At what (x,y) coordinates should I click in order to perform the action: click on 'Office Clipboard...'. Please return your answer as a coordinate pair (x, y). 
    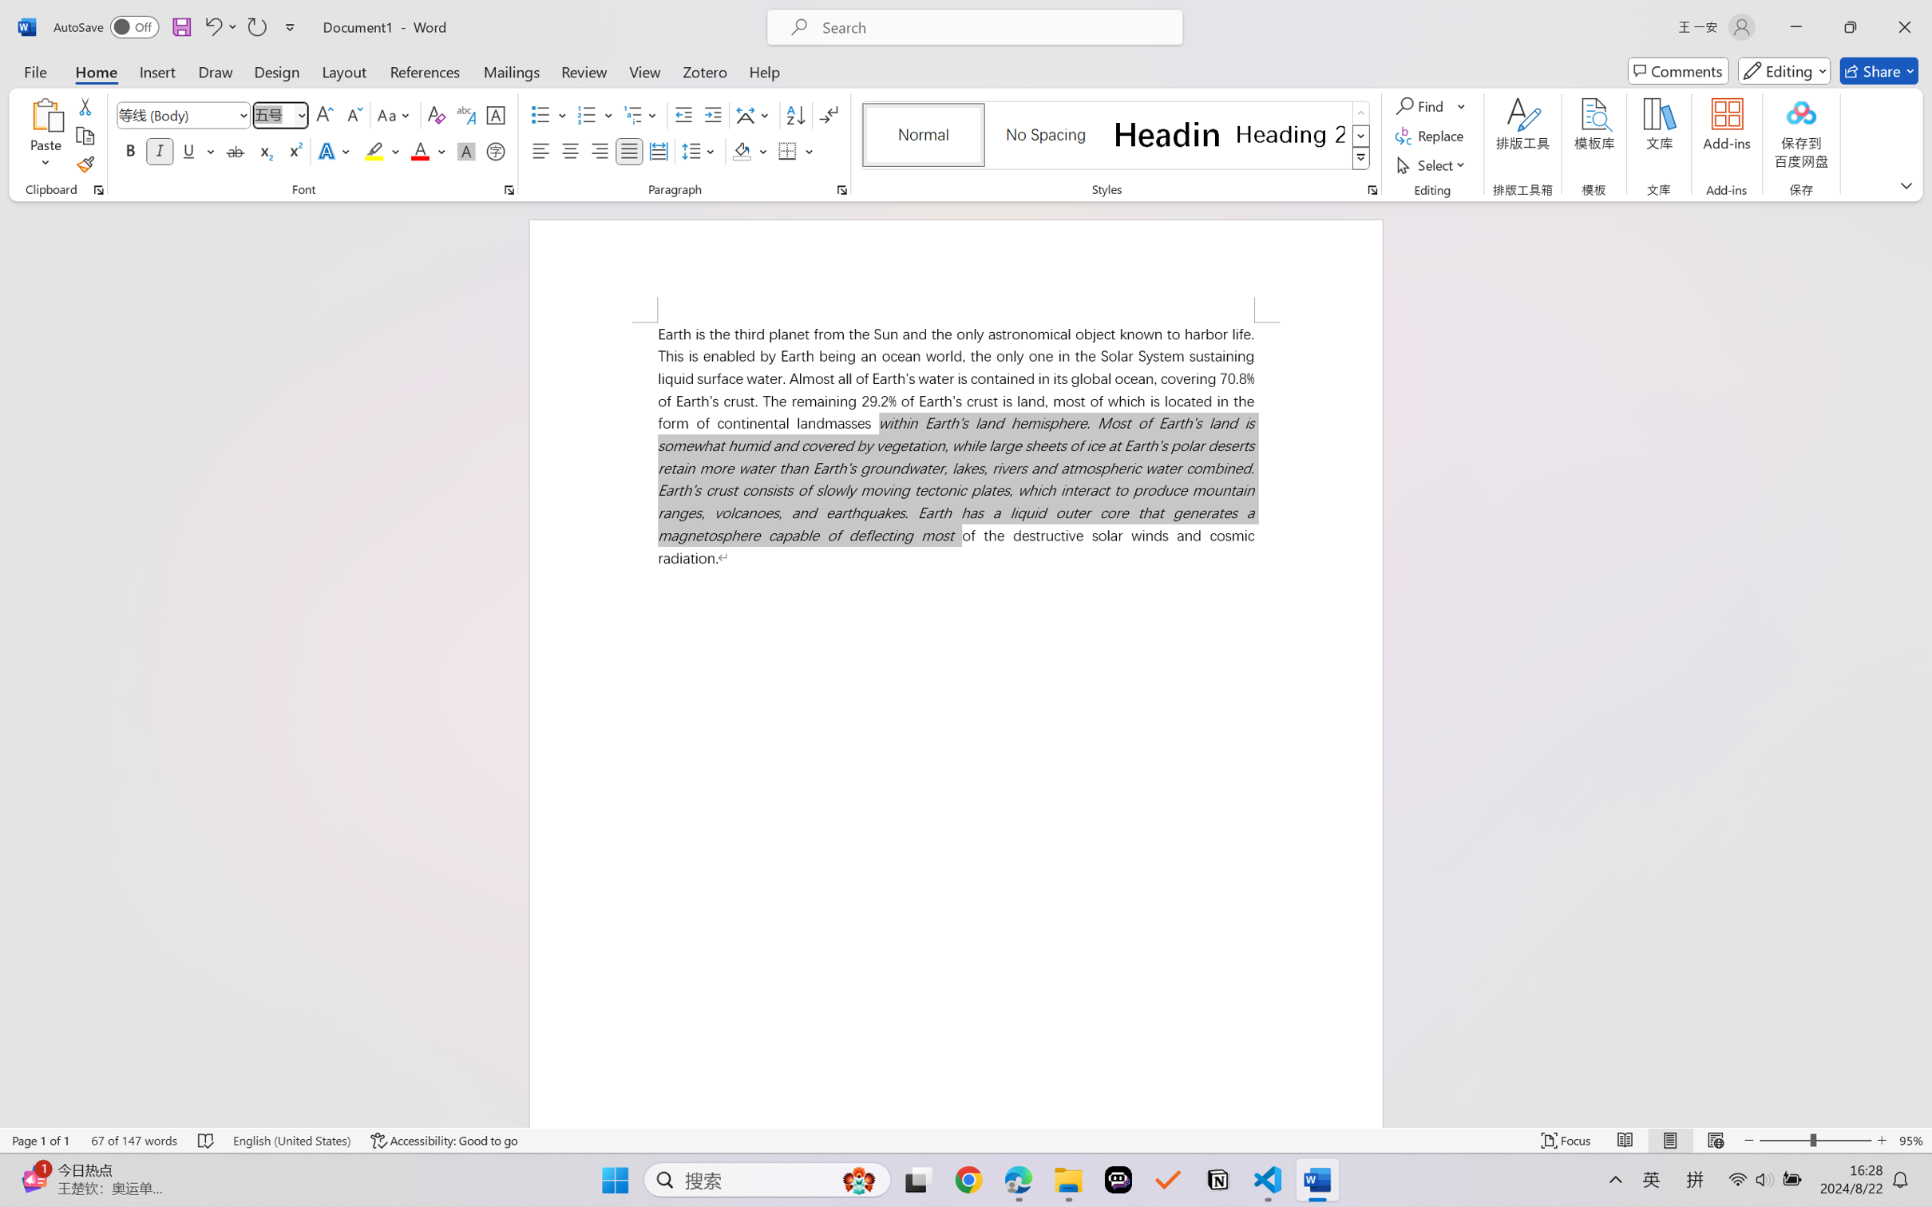
    Looking at the image, I should click on (97, 189).